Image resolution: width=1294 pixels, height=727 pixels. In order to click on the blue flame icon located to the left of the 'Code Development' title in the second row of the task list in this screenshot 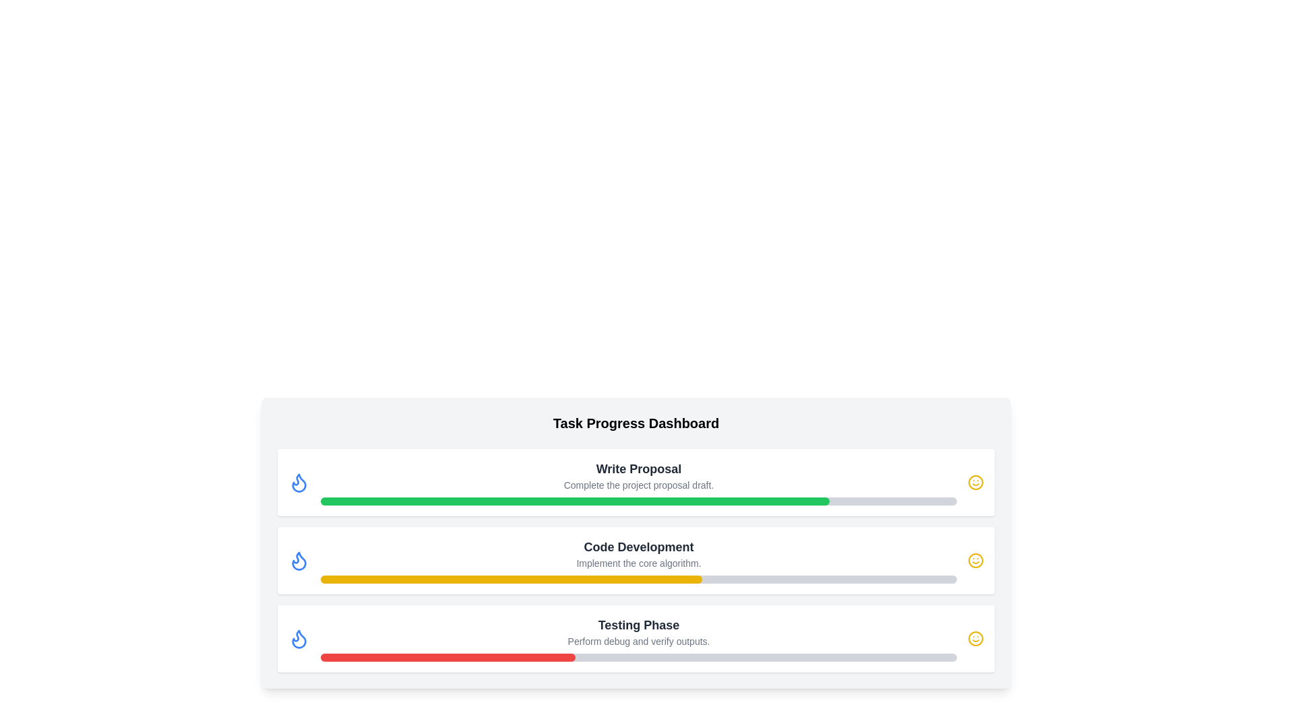, I will do `click(299, 561)`.